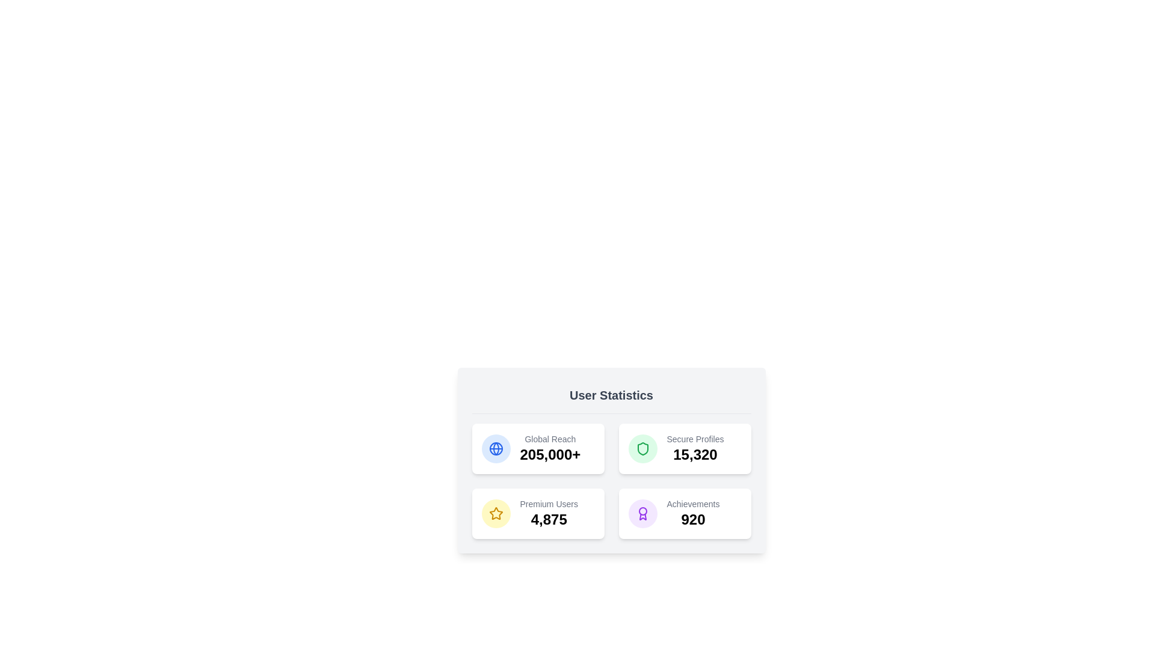 This screenshot has height=649, width=1155. Describe the element at coordinates (496, 514) in the screenshot. I see `the premium users icon located at the bottom-left of the User Statistics section, directly above the text 'Premium Users' and '4,875'` at that location.